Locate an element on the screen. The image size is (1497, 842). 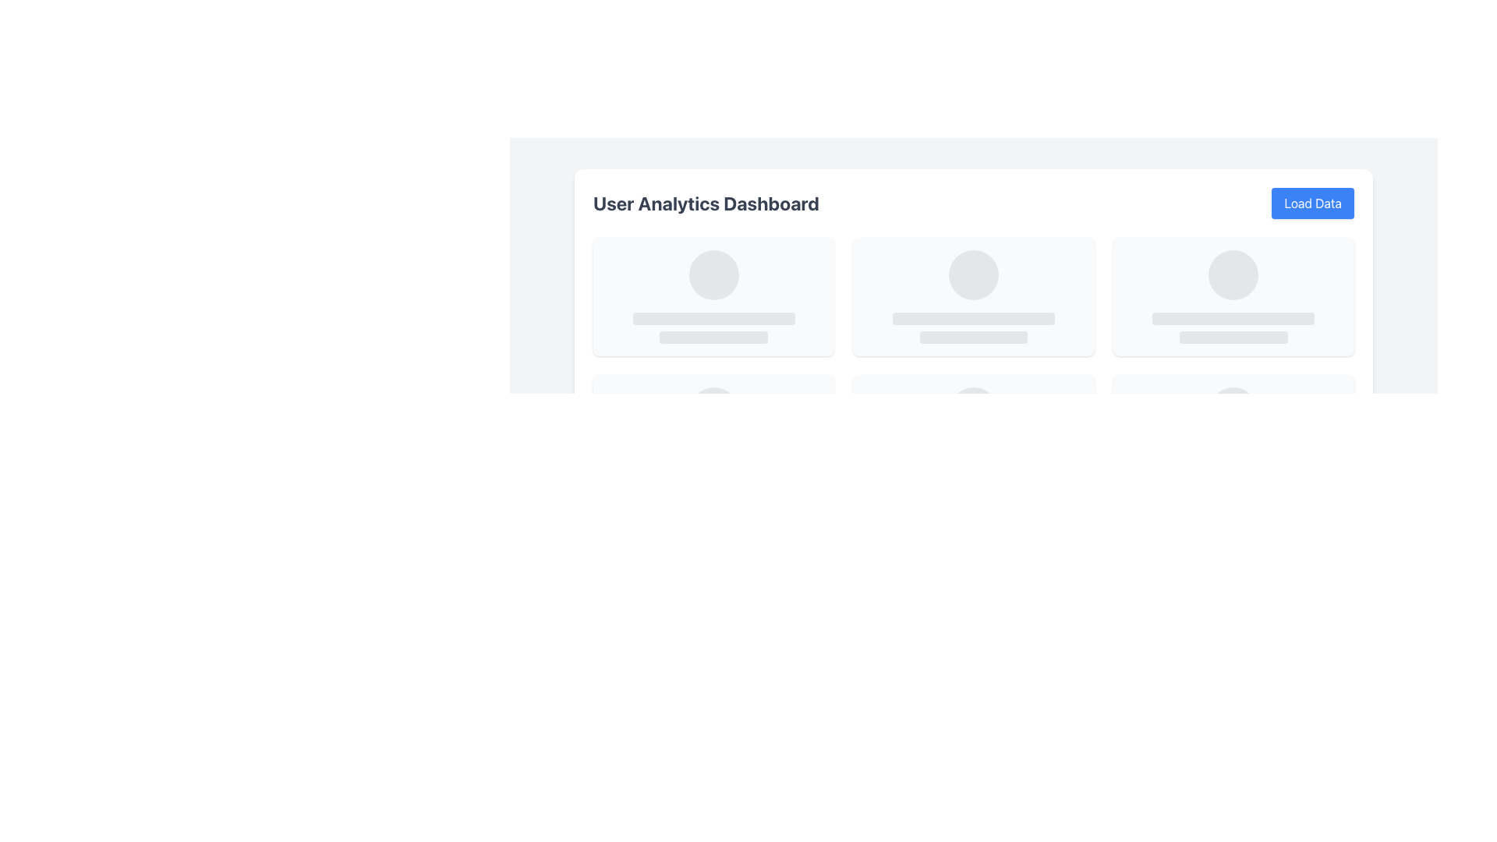
the narrow gray rectangle with rounded corners located below a longer rectangle and aligned with a circular placeholder above it is located at coordinates (972, 336).